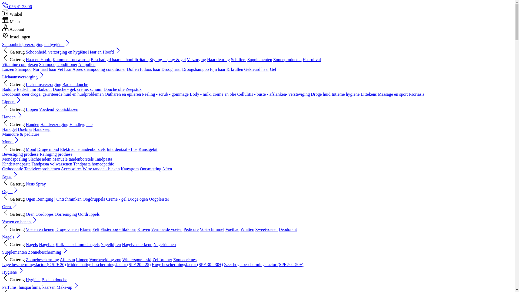 This screenshot has height=292, width=519. I want to click on 'Lichaamsverzorging', so click(23, 77).